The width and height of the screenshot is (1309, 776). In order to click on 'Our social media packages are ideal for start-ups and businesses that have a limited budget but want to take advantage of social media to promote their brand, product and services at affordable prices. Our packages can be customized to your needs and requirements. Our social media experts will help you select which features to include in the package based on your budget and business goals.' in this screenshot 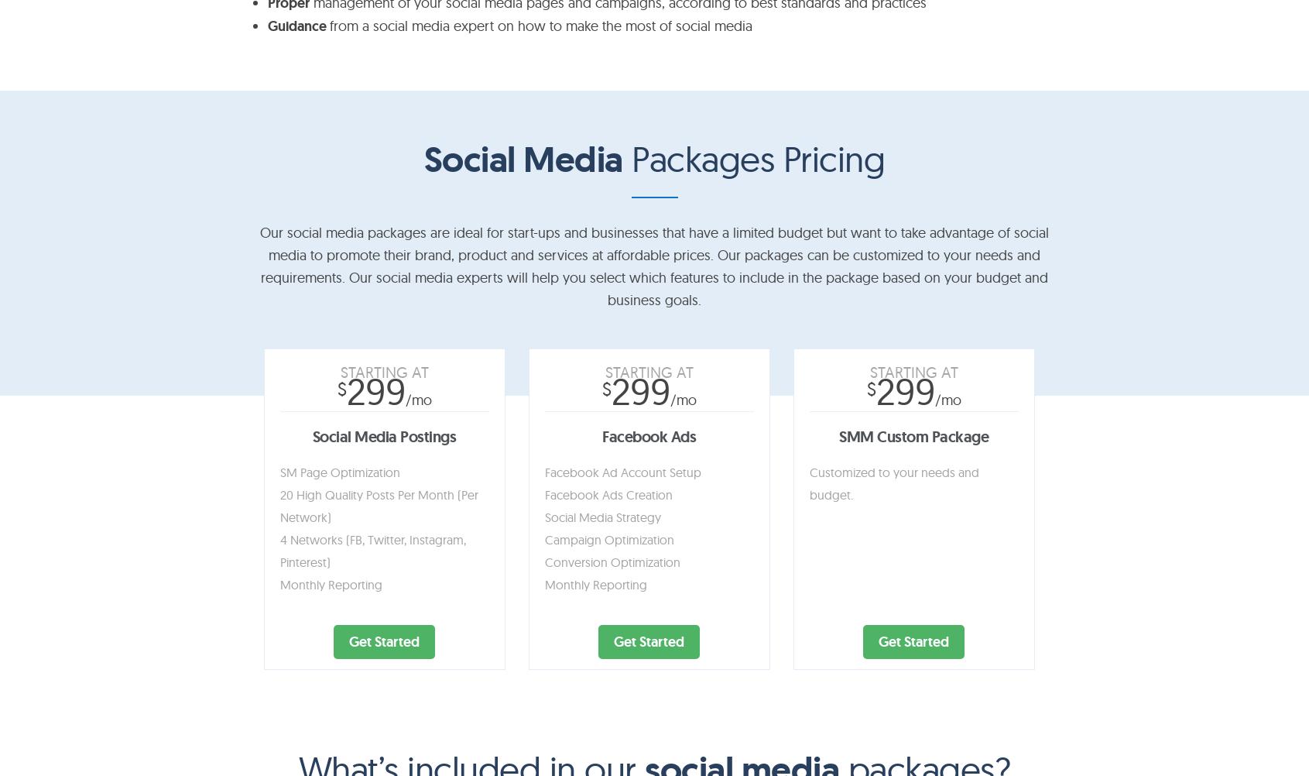, I will do `click(653, 265)`.